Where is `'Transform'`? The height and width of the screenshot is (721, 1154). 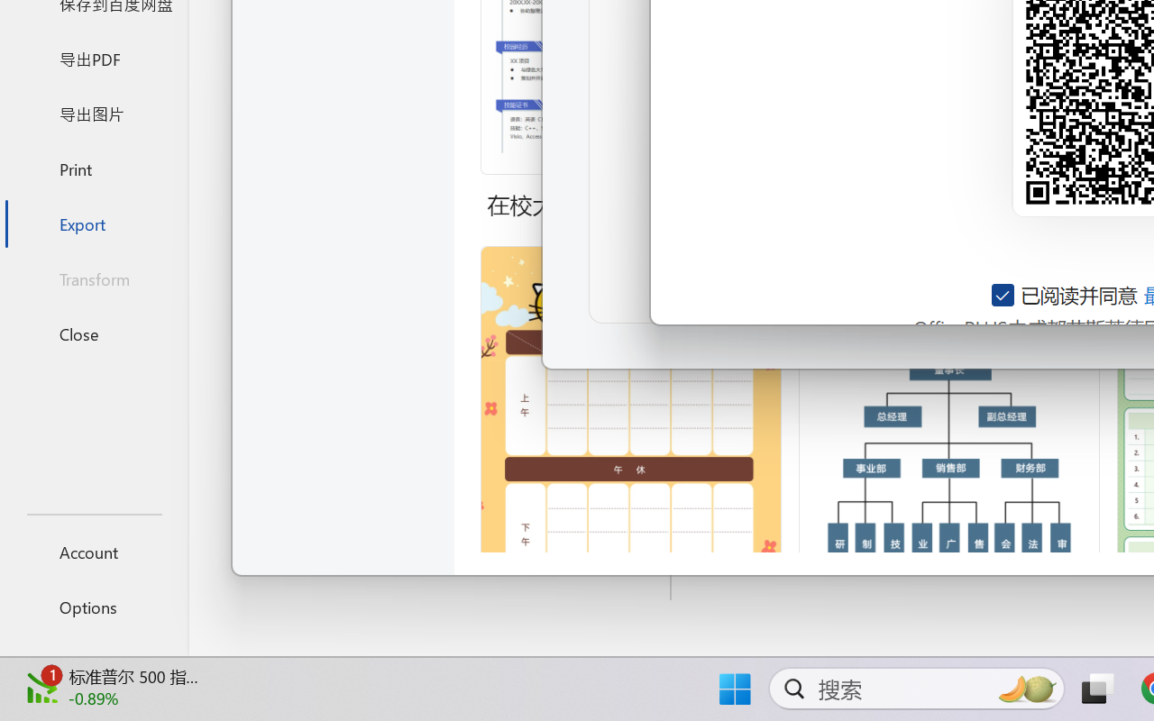 'Transform' is located at coordinates (93, 278).